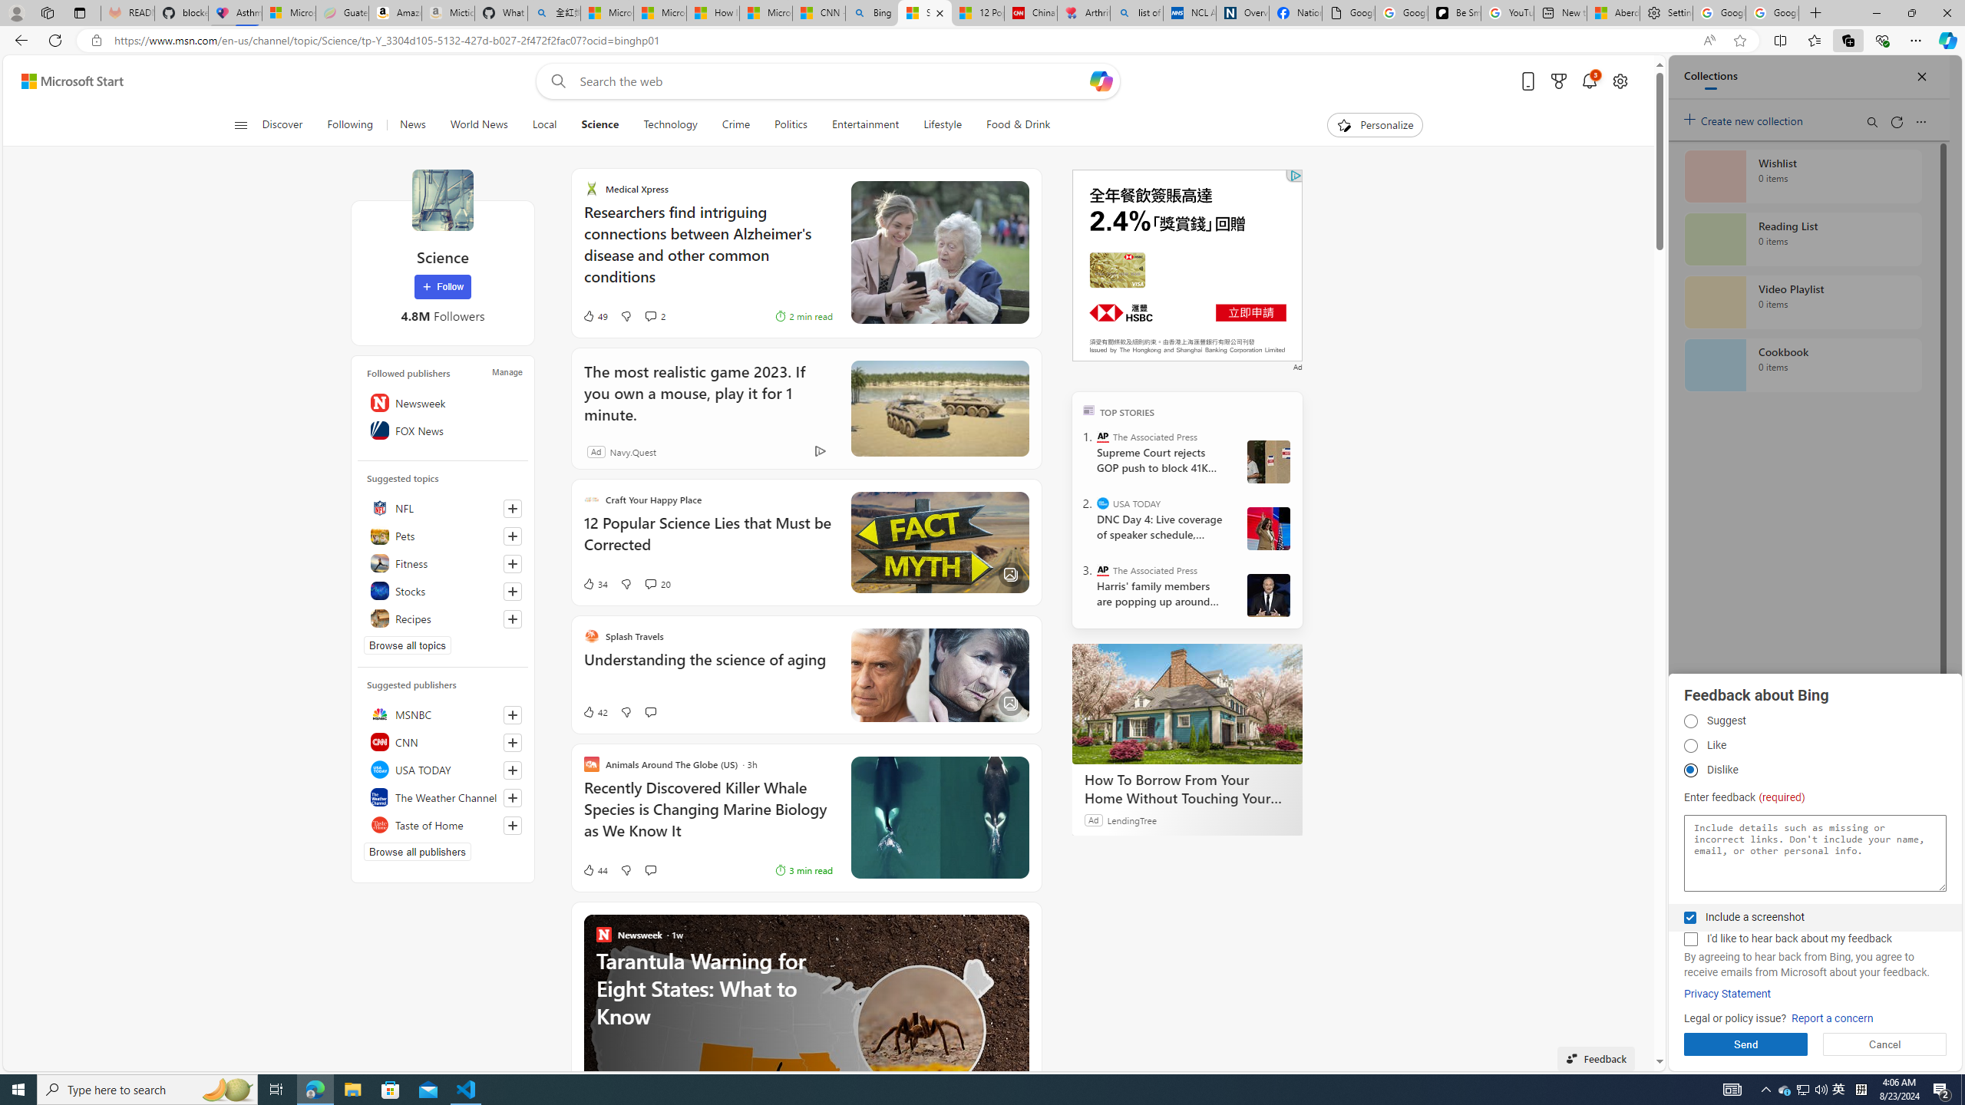  I want to click on 'AutomationID: fbpgdgtp3', so click(1689, 770).